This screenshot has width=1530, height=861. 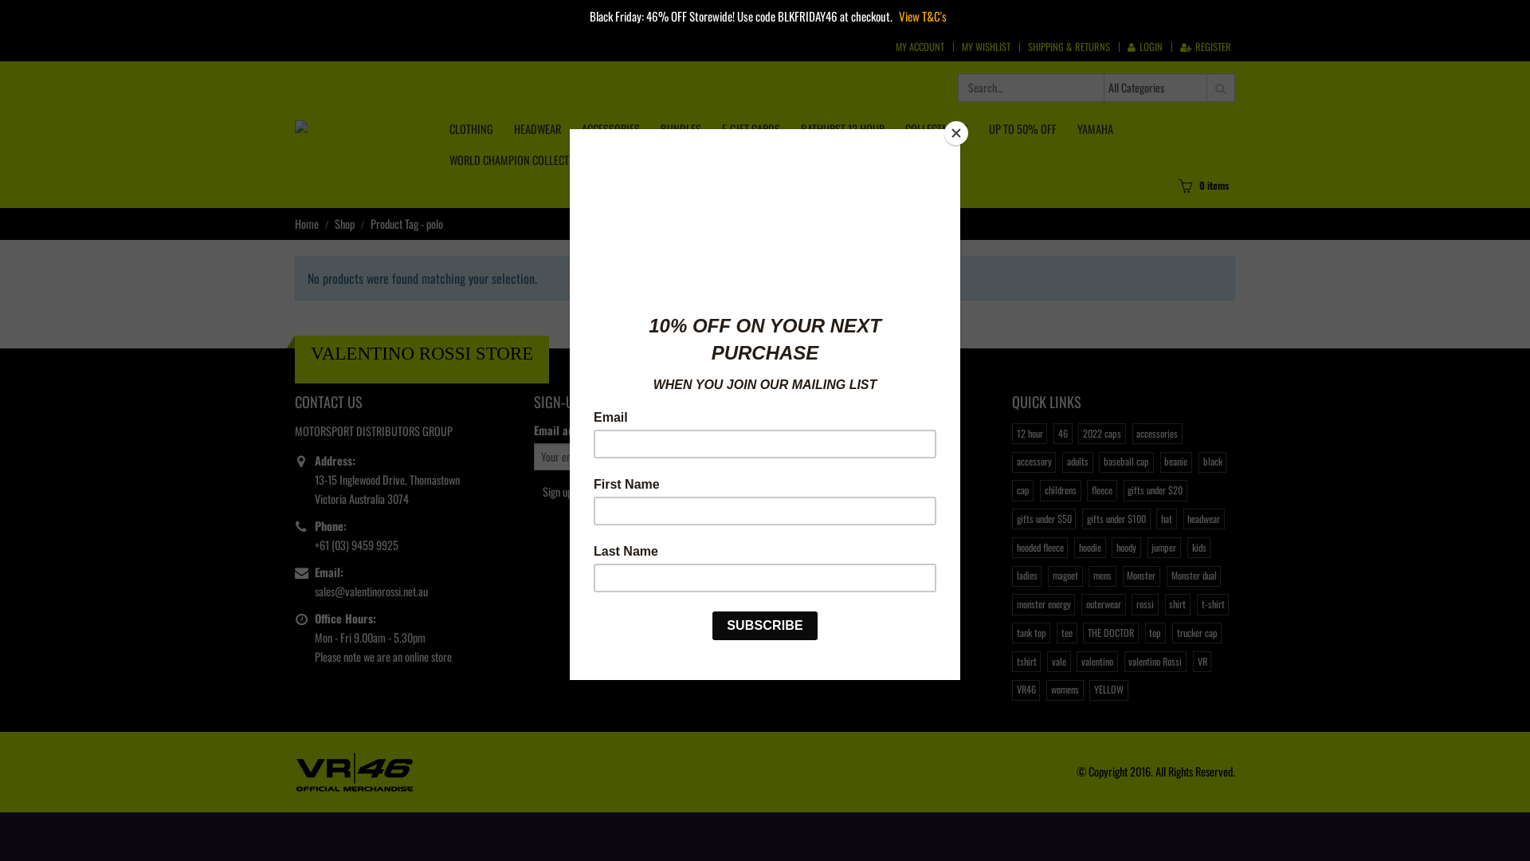 What do you see at coordinates (1026, 661) in the screenshot?
I see `'tshirt'` at bounding box center [1026, 661].